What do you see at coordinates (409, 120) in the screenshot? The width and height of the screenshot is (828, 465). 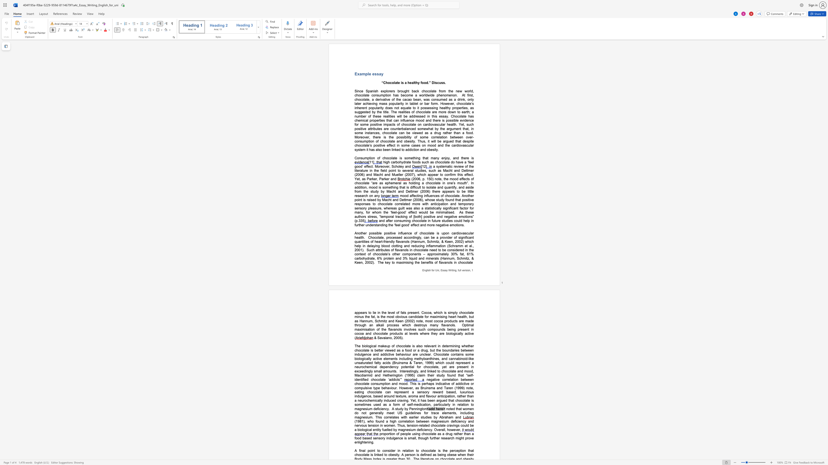 I see `the space between the continuous character "e" and "n" in the text` at bounding box center [409, 120].